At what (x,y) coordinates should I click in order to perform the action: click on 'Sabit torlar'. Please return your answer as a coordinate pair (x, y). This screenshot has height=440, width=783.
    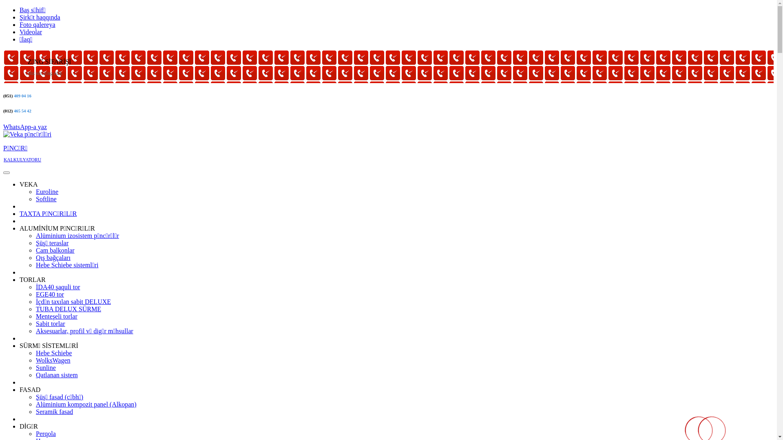
    Looking at the image, I should click on (50, 323).